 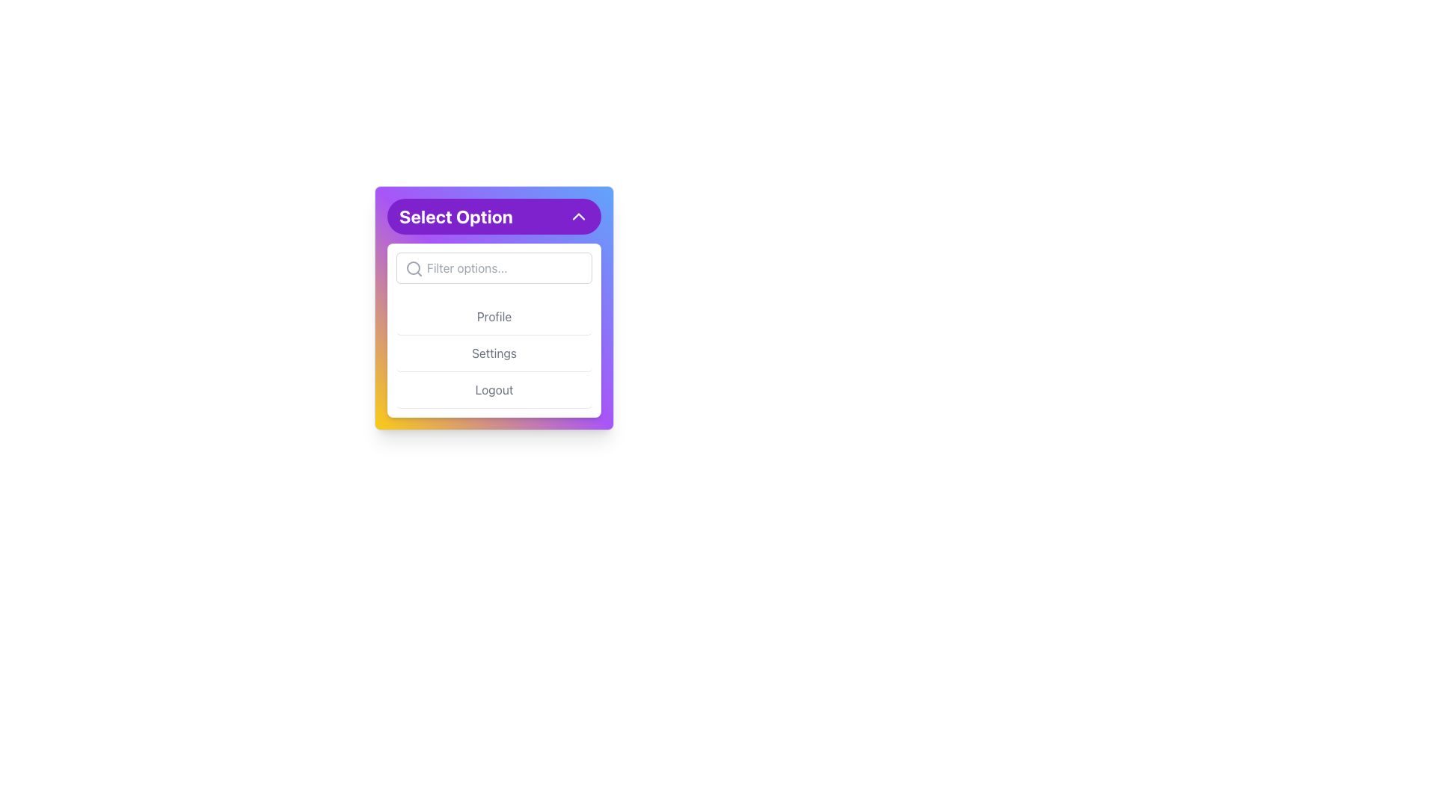 What do you see at coordinates (494, 267) in the screenshot?
I see `the Search input field, which is a rectangular input field with rounded corners and a placeholder text 'Filter options...'` at bounding box center [494, 267].